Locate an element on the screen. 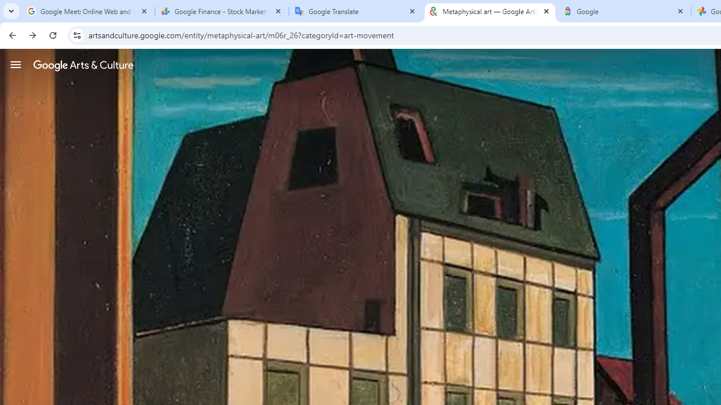 The height and width of the screenshot is (405, 721). 'Search tabs' is located at coordinates (11, 11).